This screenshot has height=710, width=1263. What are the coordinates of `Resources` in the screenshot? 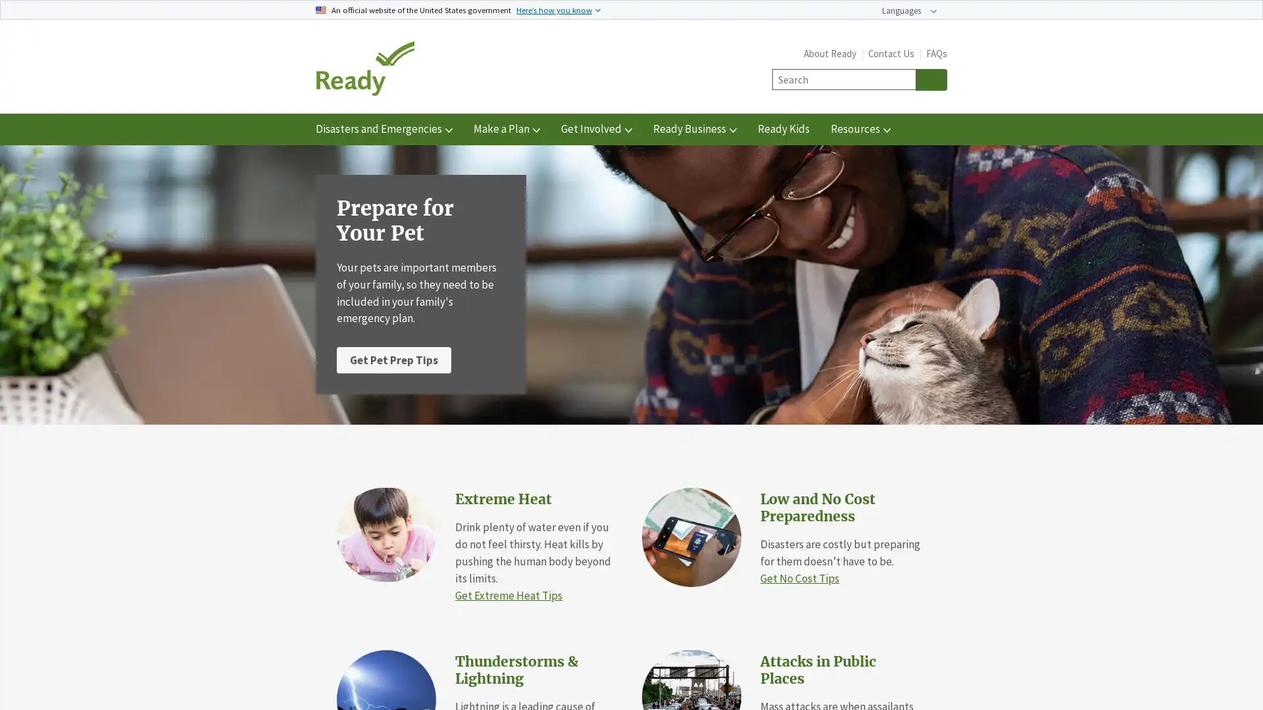 It's located at (860, 129).